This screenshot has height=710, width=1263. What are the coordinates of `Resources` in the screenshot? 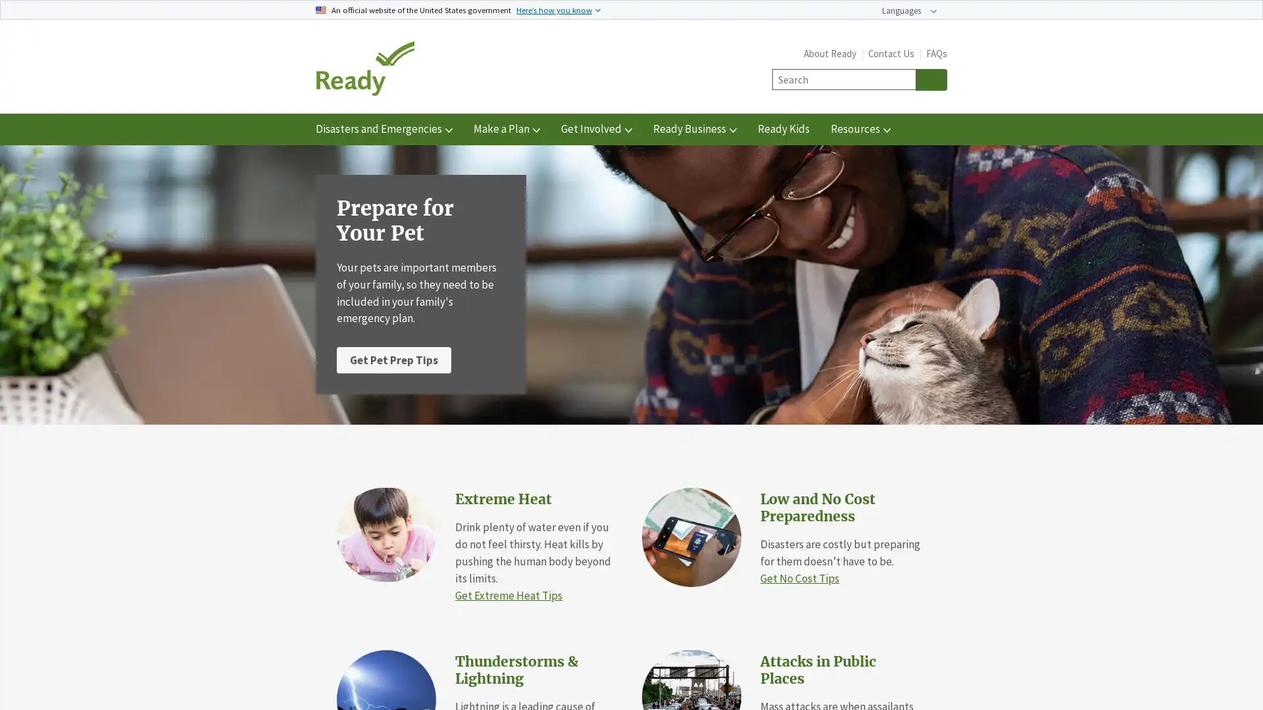 It's located at (860, 129).